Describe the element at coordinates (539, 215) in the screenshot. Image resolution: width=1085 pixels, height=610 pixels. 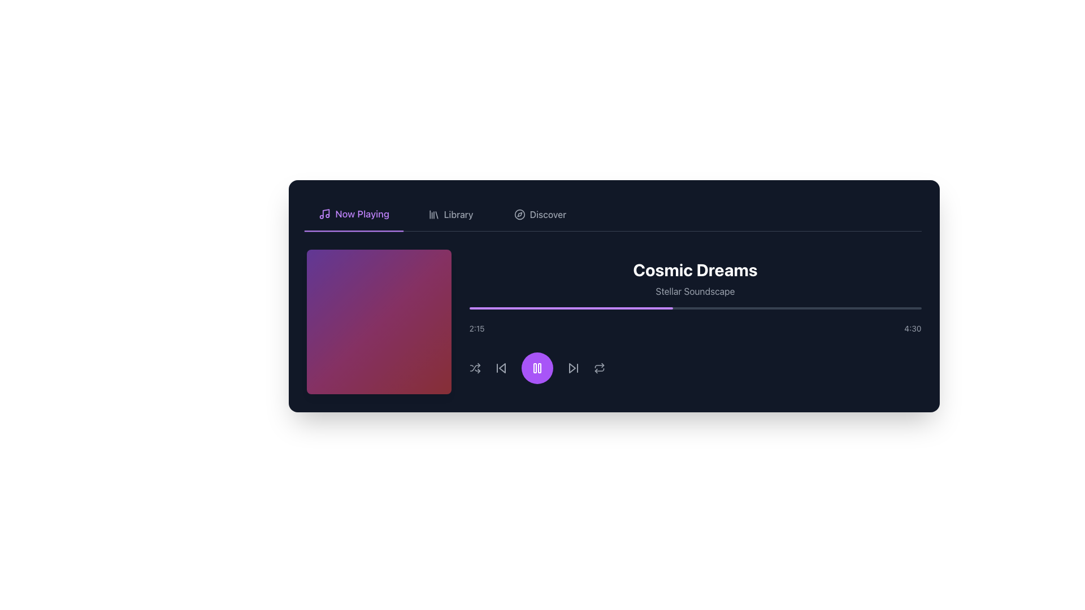
I see `the 'Discover' button, which is a text label with a compass icon, located as the third item from the left in the horizontal navigation bar` at that location.